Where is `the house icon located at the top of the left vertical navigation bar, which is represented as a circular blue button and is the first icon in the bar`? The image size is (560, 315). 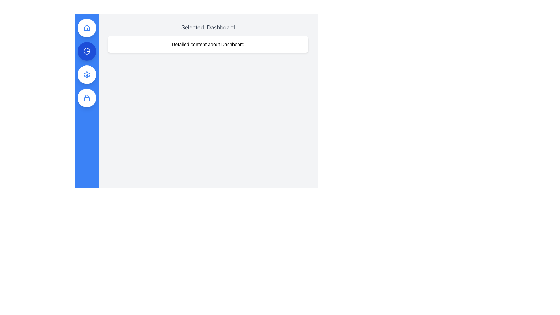 the house icon located at the top of the left vertical navigation bar, which is represented as a circular blue button and is the first icon in the bar is located at coordinates (86, 29).